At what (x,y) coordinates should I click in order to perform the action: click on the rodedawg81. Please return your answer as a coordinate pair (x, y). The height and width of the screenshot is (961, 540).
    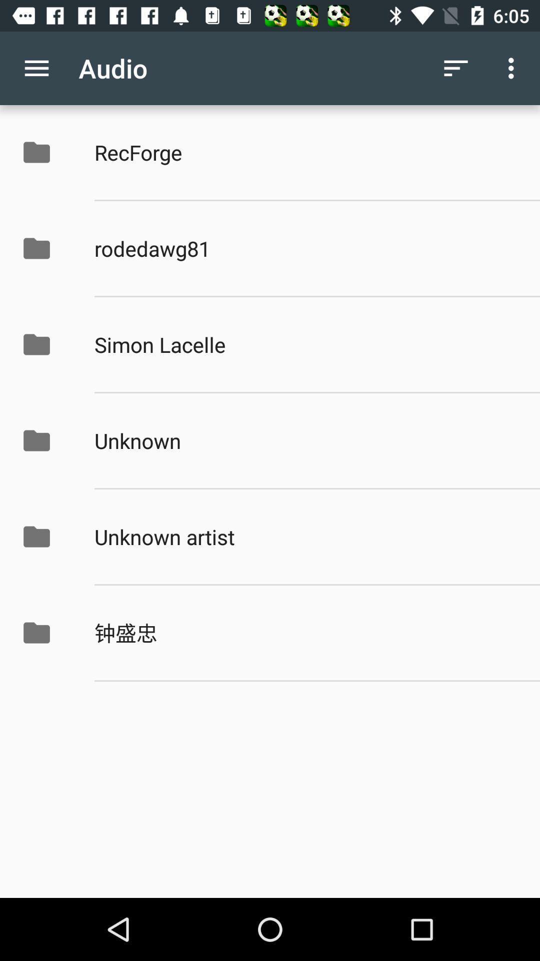
    Looking at the image, I should click on (306, 248).